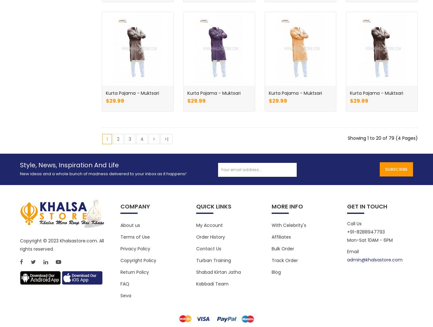 The width and height of the screenshot is (433, 327). What do you see at coordinates (195, 260) in the screenshot?
I see `'Turban Training'` at bounding box center [195, 260].